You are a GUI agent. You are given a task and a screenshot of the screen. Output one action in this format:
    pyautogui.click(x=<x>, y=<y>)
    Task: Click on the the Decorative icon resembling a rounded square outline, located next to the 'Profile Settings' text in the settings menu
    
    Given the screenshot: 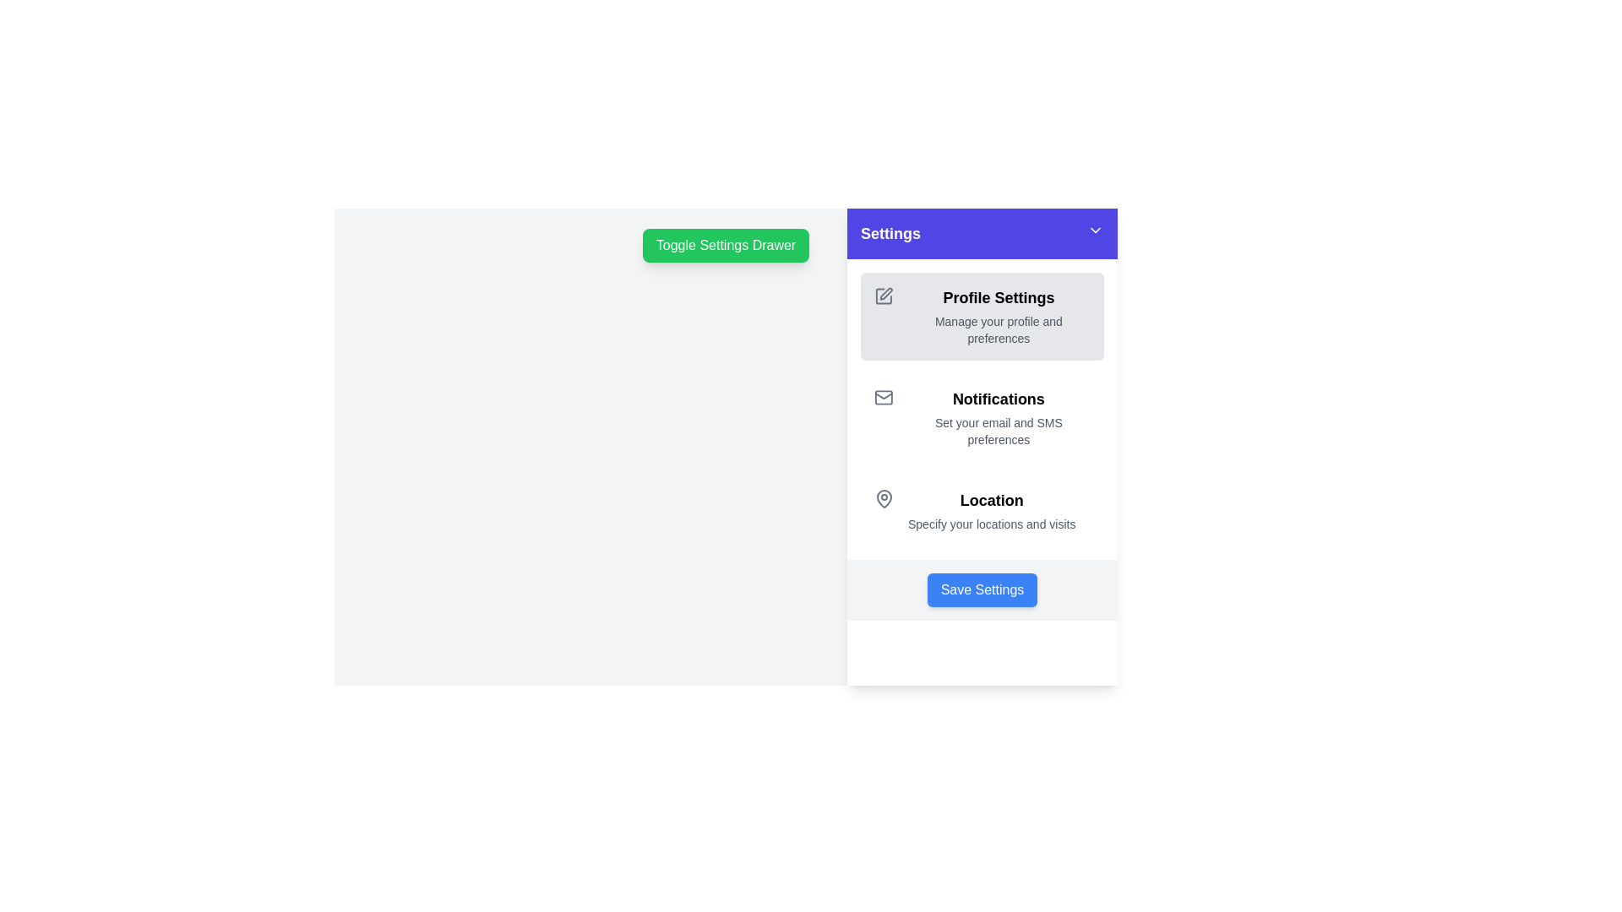 What is the action you would take?
    pyautogui.click(x=883, y=296)
    